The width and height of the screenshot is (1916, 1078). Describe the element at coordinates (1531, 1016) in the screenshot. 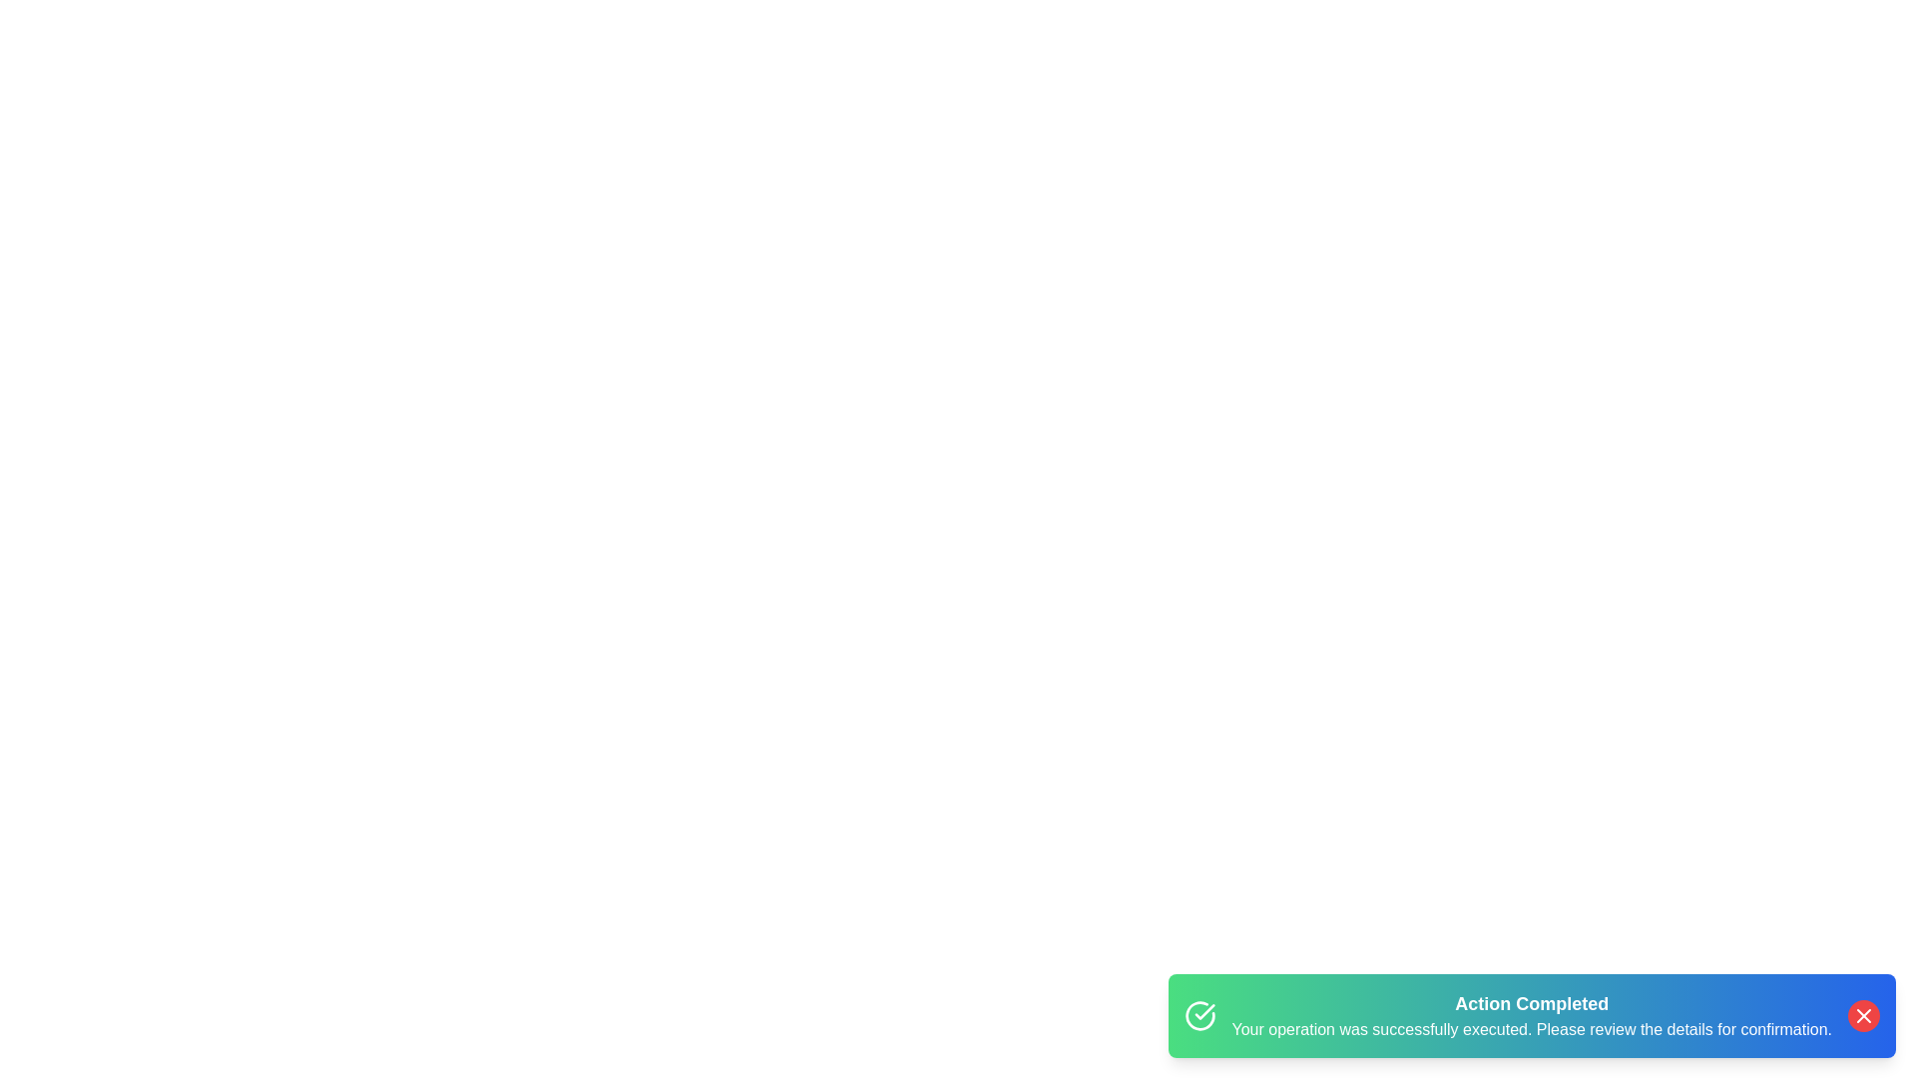

I see `the alert container to inspect its details` at that location.